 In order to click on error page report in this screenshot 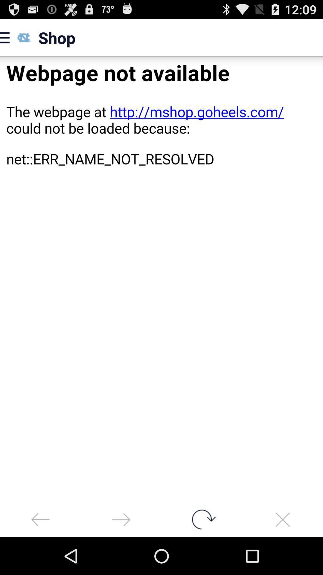, I will do `click(161, 279)`.